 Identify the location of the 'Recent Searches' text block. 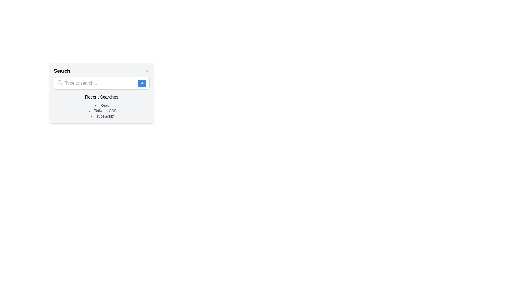
(102, 106).